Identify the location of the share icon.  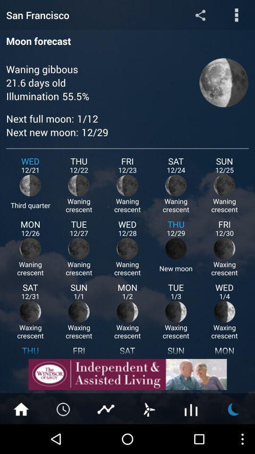
(200, 16).